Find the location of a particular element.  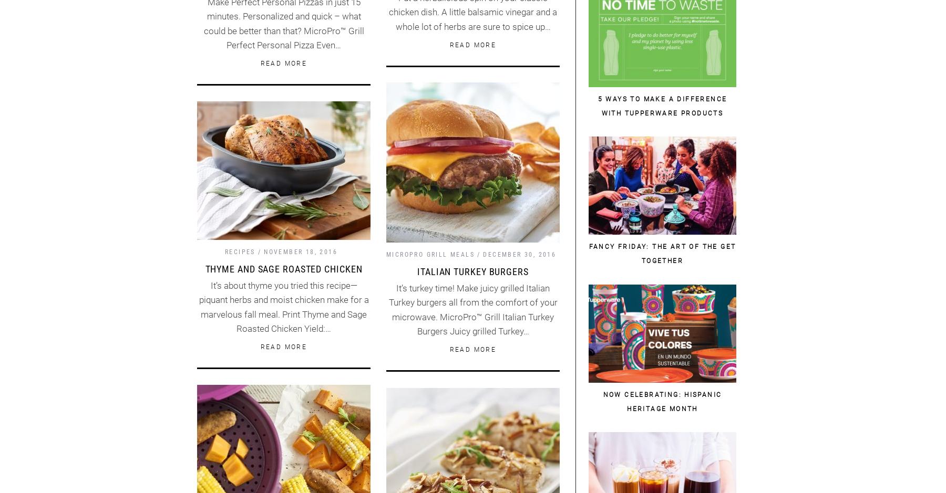

'MicroPro Grill Meals' is located at coordinates (385, 253).